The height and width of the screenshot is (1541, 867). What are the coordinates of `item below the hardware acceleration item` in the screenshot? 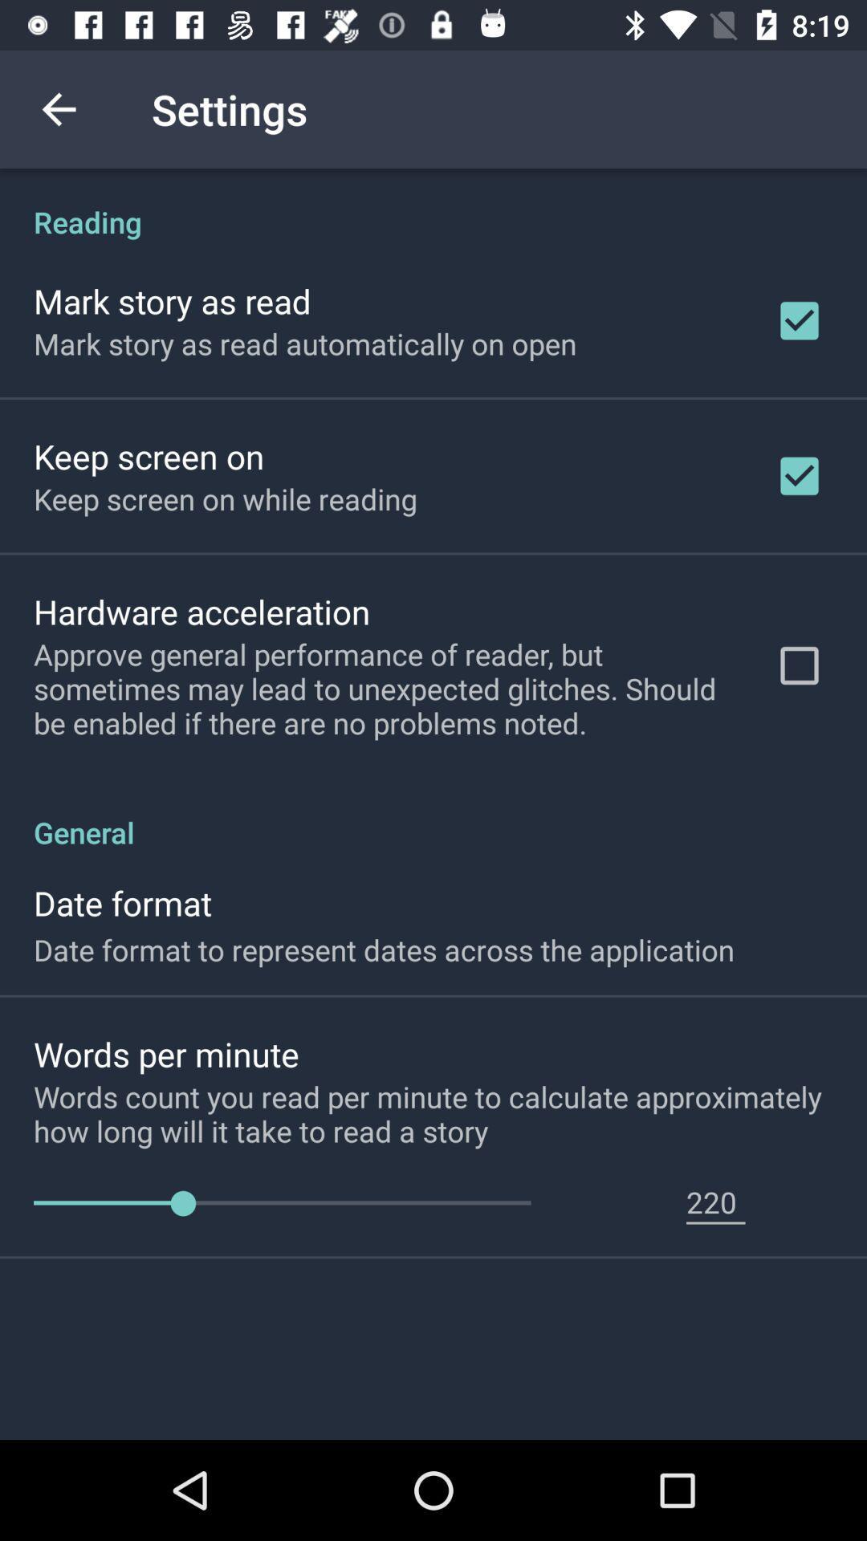 It's located at (383, 689).